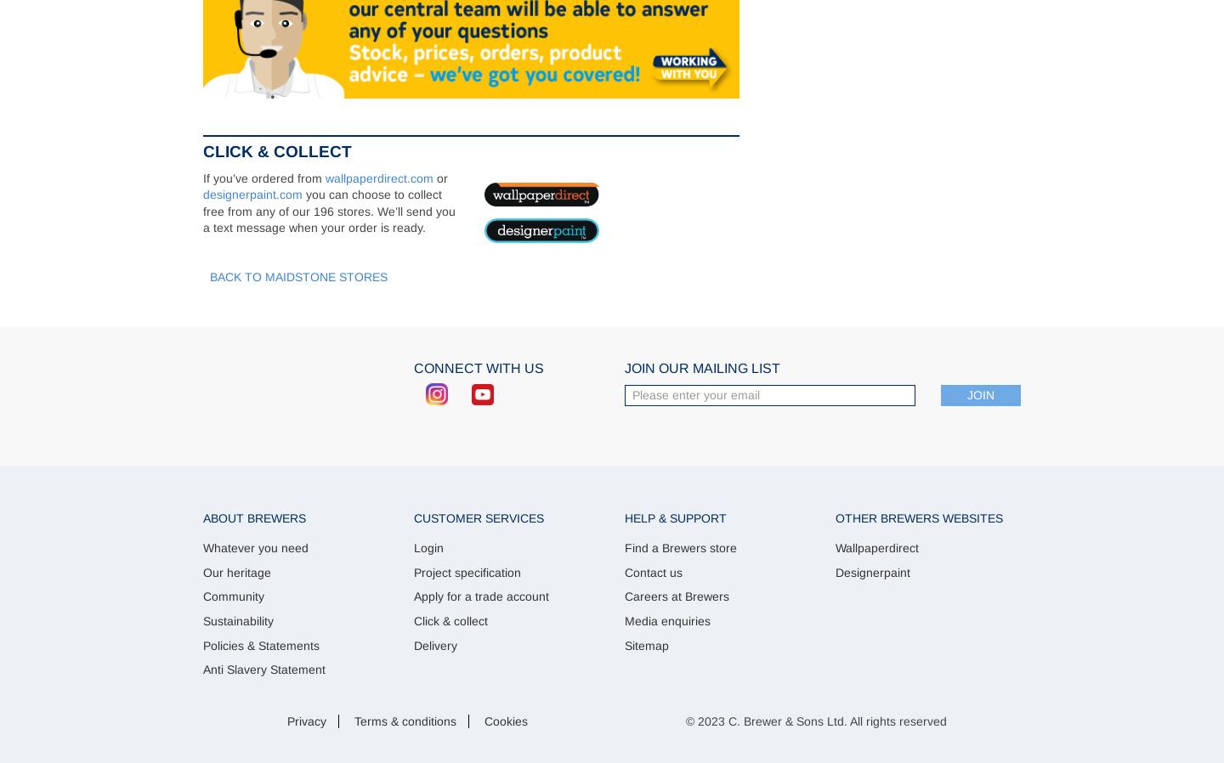 This screenshot has height=763, width=1224. What do you see at coordinates (253, 517) in the screenshot?
I see `'About Brewers'` at bounding box center [253, 517].